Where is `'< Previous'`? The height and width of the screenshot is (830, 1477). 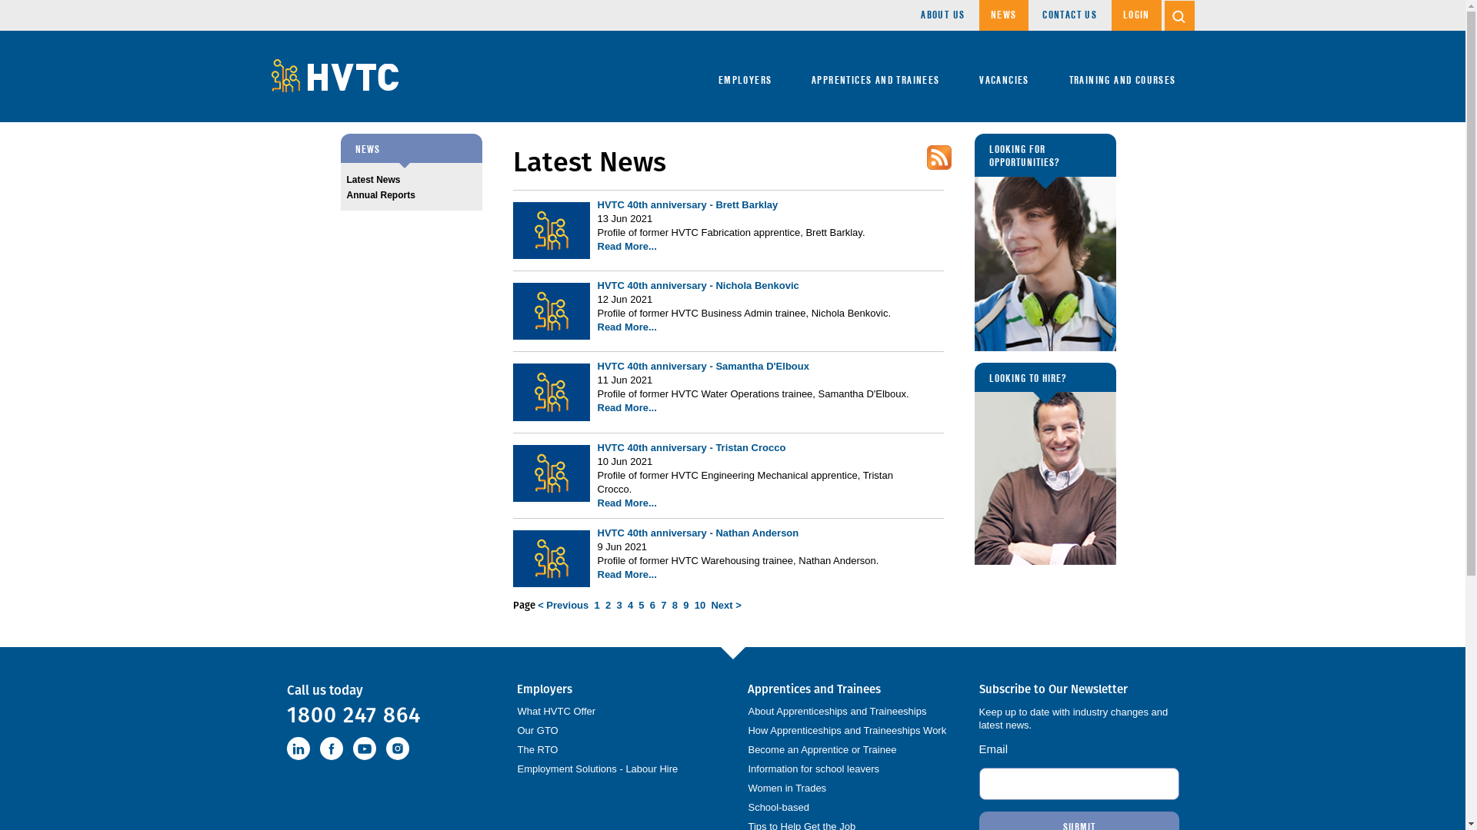 '< Previous' is located at coordinates (562, 604).